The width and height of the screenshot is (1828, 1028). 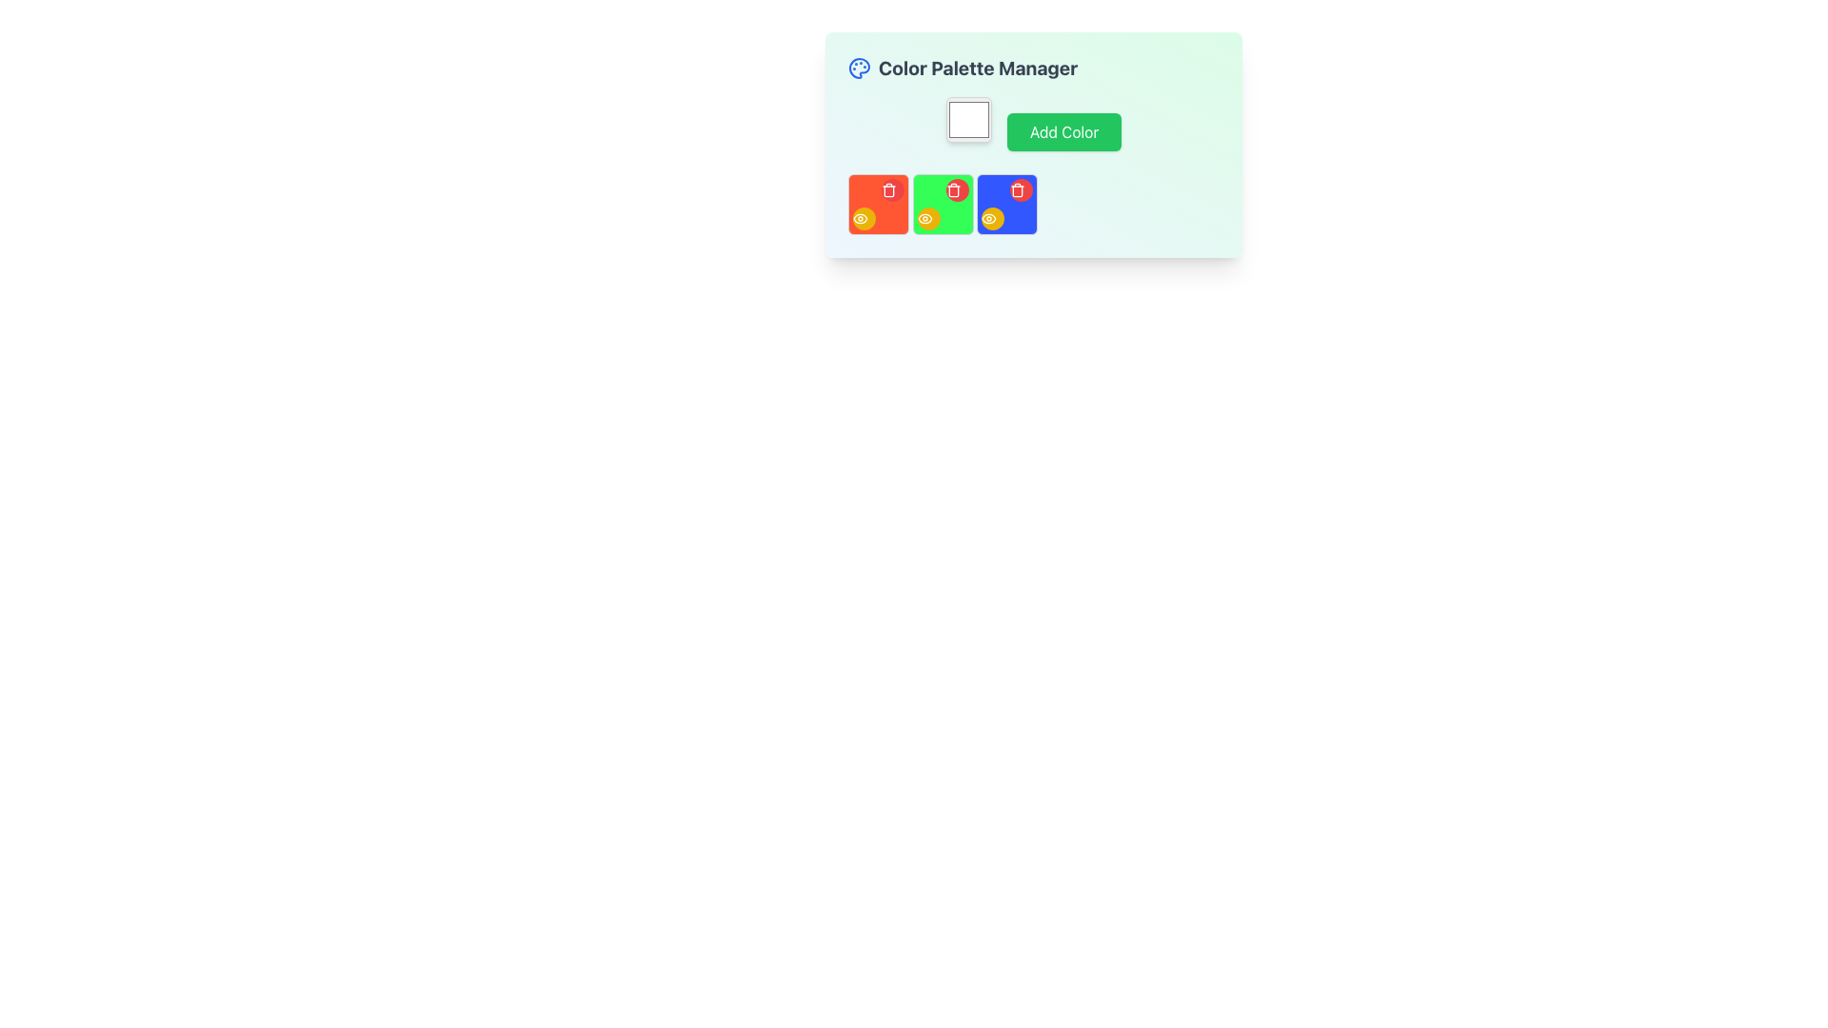 What do you see at coordinates (988, 218) in the screenshot?
I see `the eye icon located within the yellow circle button in the bottom-right corner of the blue square` at bounding box center [988, 218].